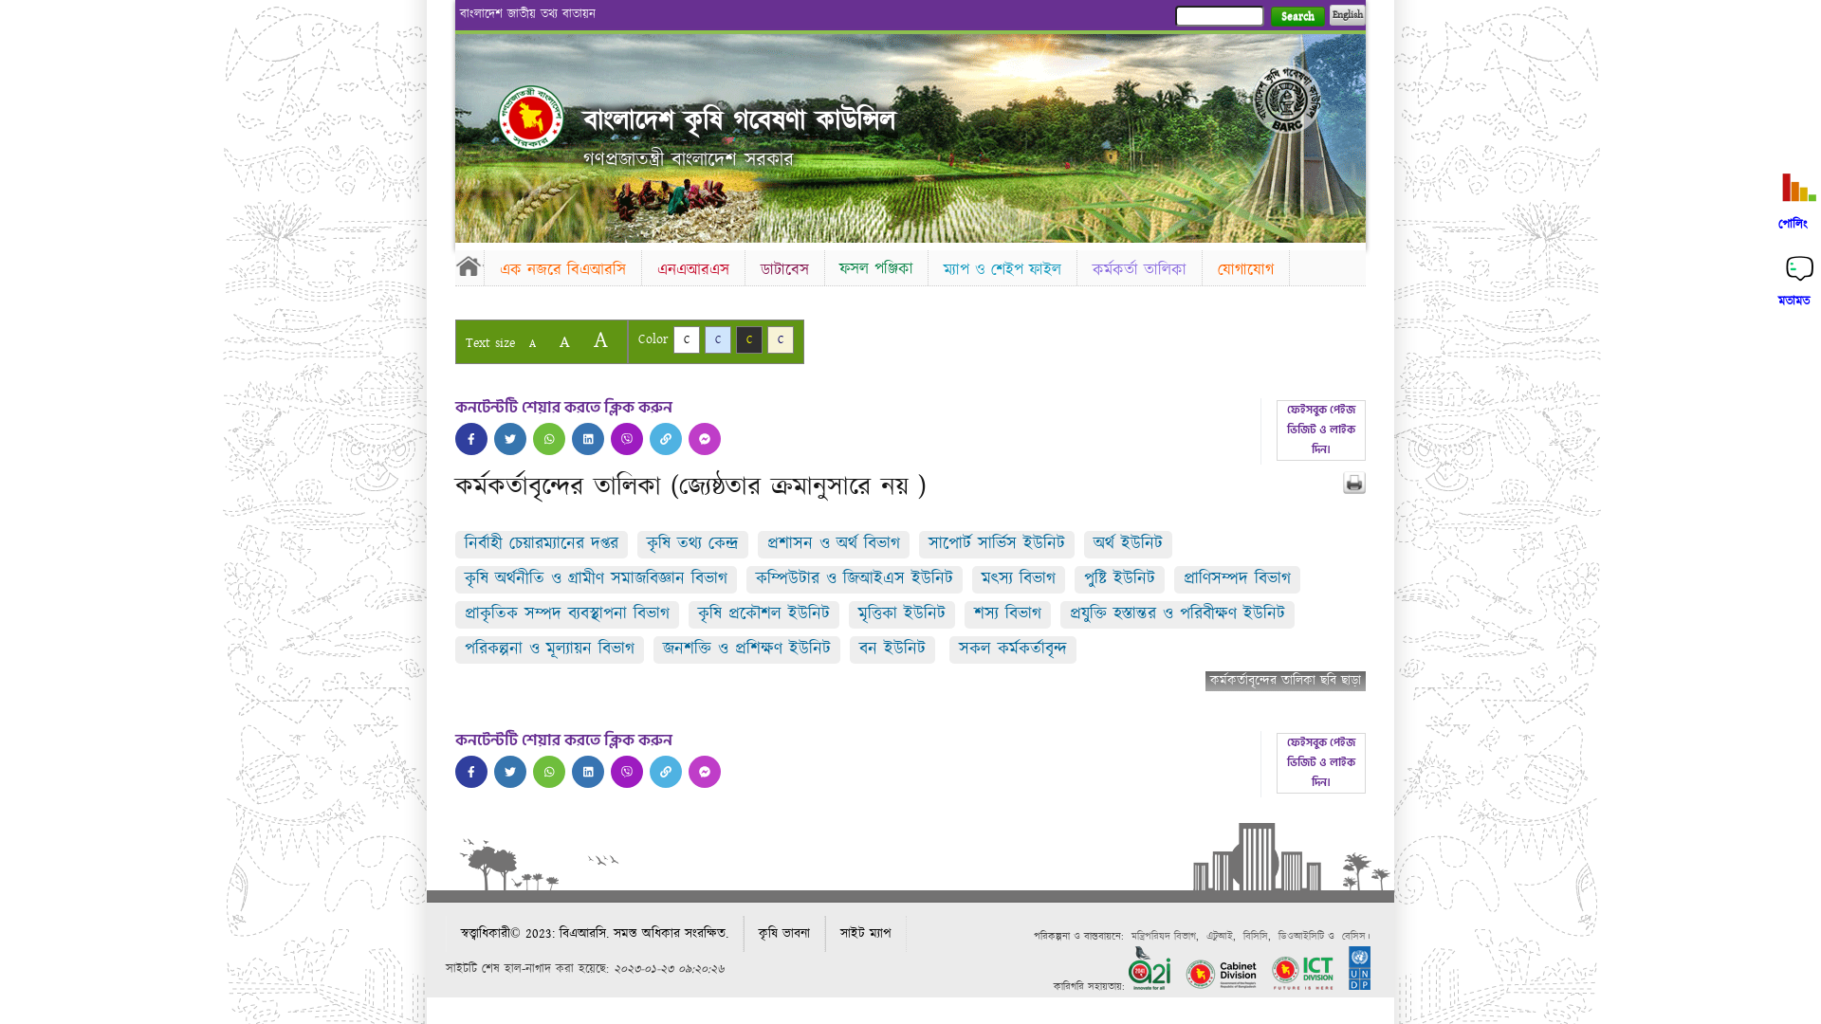  Describe the element at coordinates (599, 338) in the screenshot. I see `'A'` at that location.